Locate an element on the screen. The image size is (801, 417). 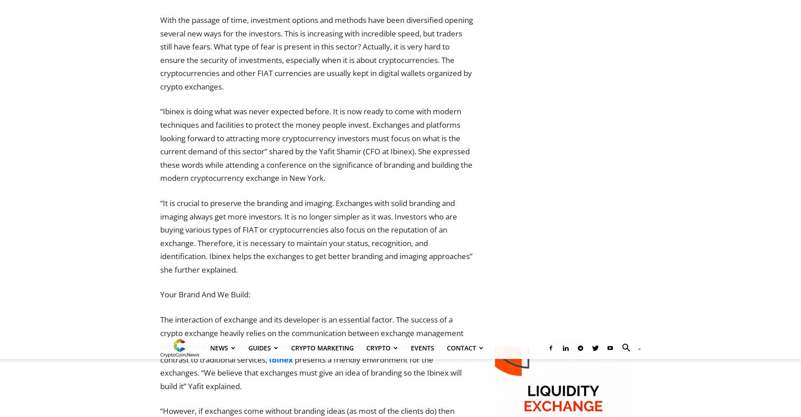
'https://cryptocin.news' is located at coordinates (246, 190).